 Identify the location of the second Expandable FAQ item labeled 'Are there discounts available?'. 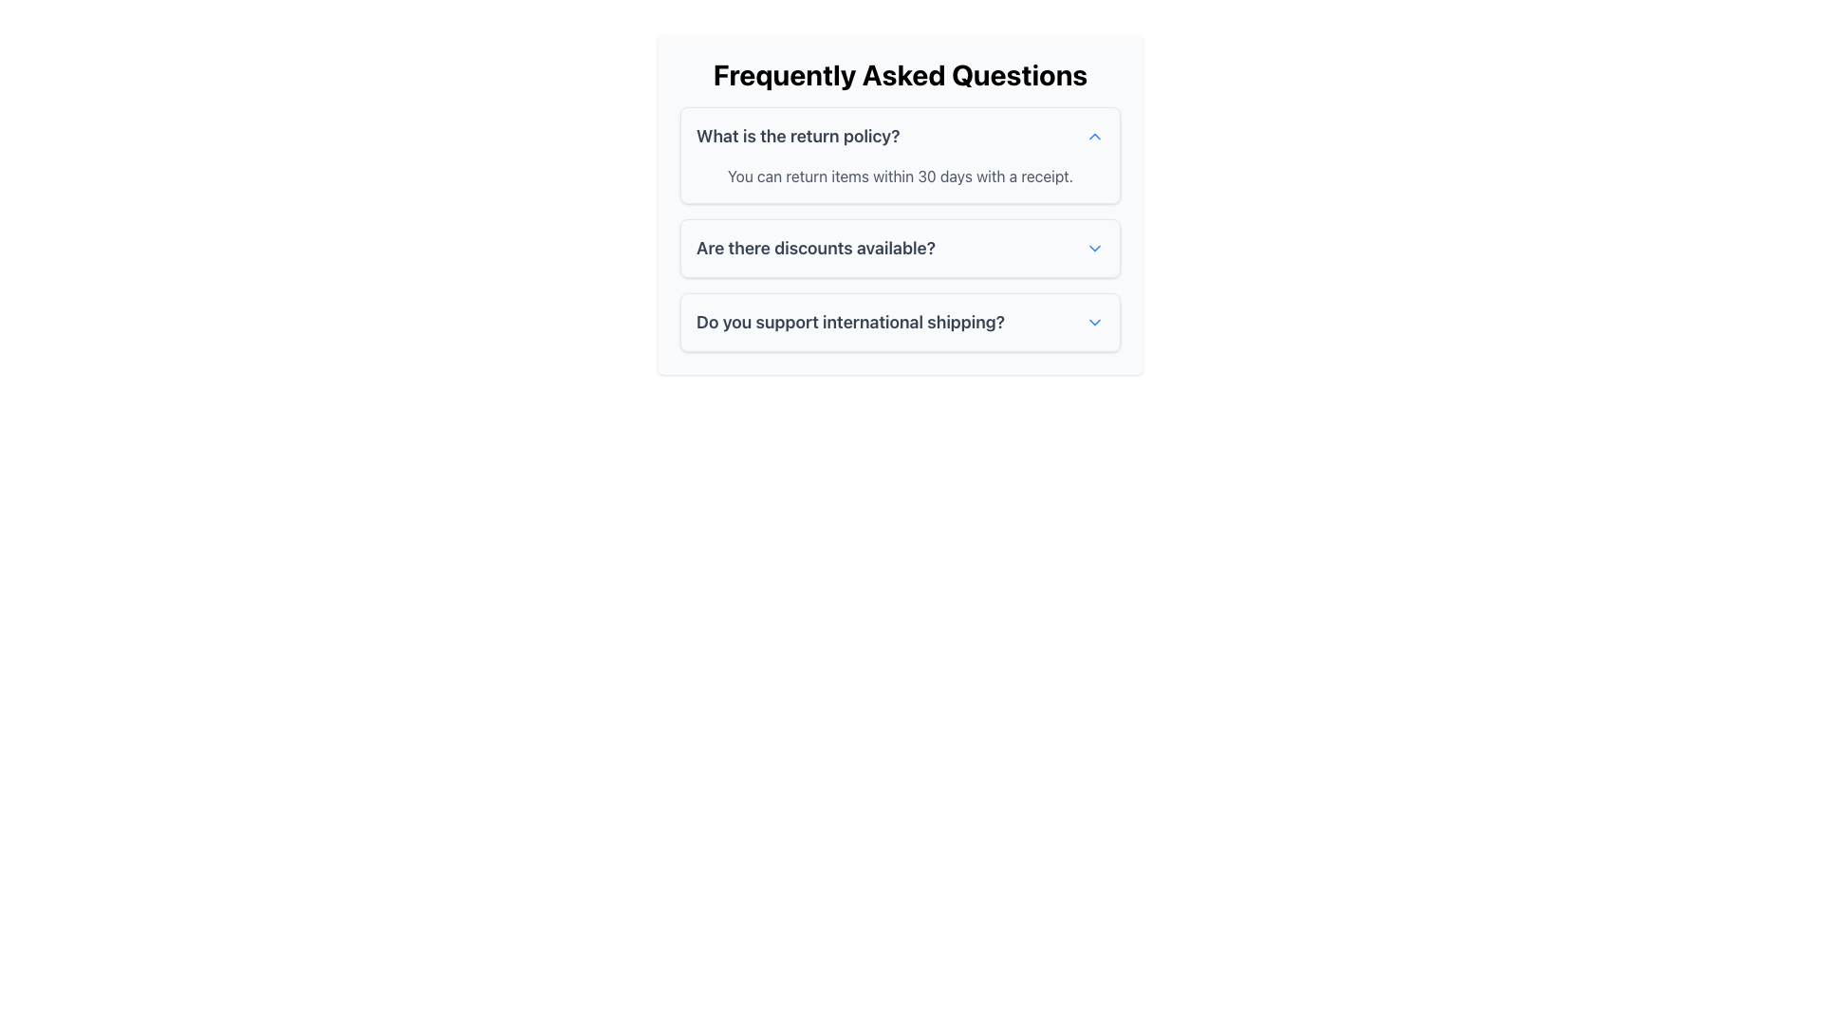
(900, 248).